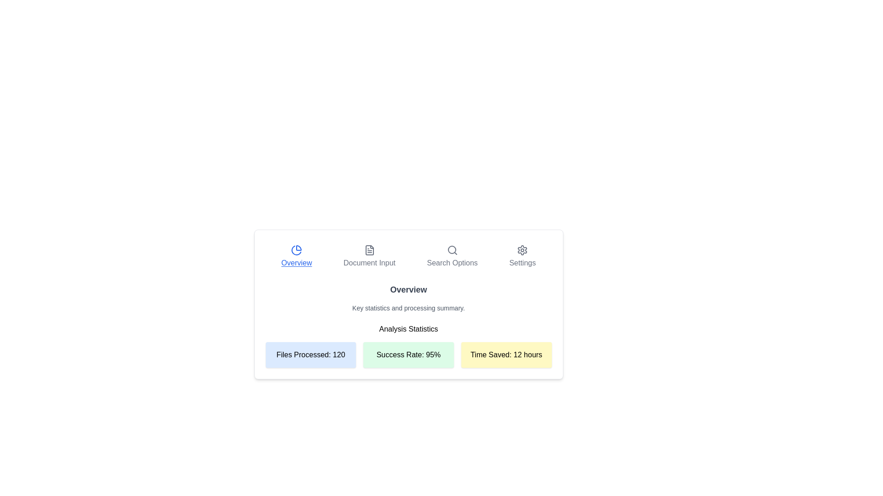 Image resolution: width=883 pixels, height=496 pixels. I want to click on the Informational block displaying 'Success Rate: 95%' which has a green background and rounded edges, positioned centrally under 'Analysis Statistics', so click(408, 345).